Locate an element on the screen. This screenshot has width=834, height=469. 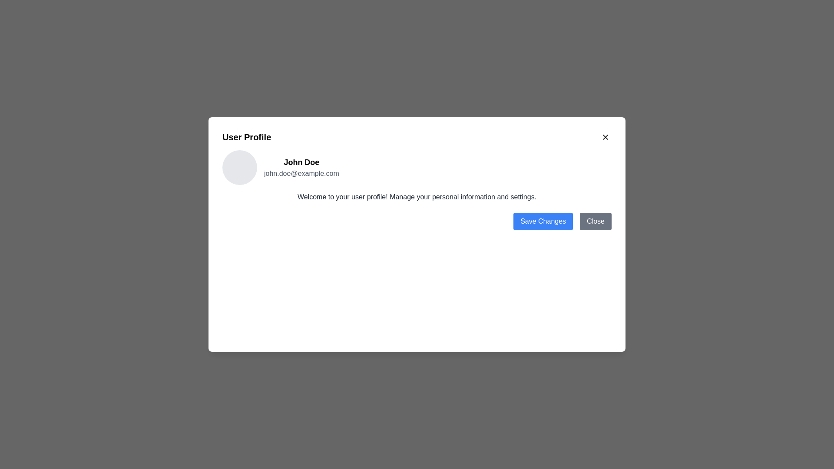
the close button in the top-right corner of the 'User Profile' dialog box, which is represented by an 'X' icon is located at coordinates (605, 137).